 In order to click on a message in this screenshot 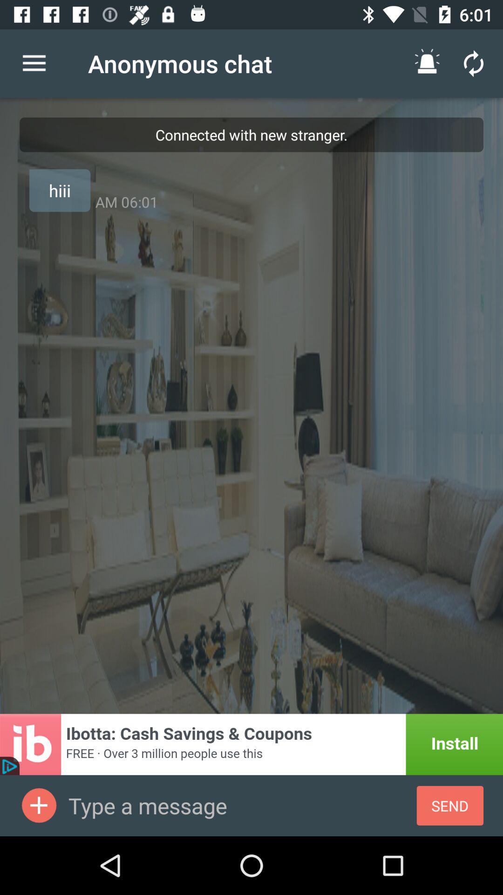, I will do `click(39, 805)`.